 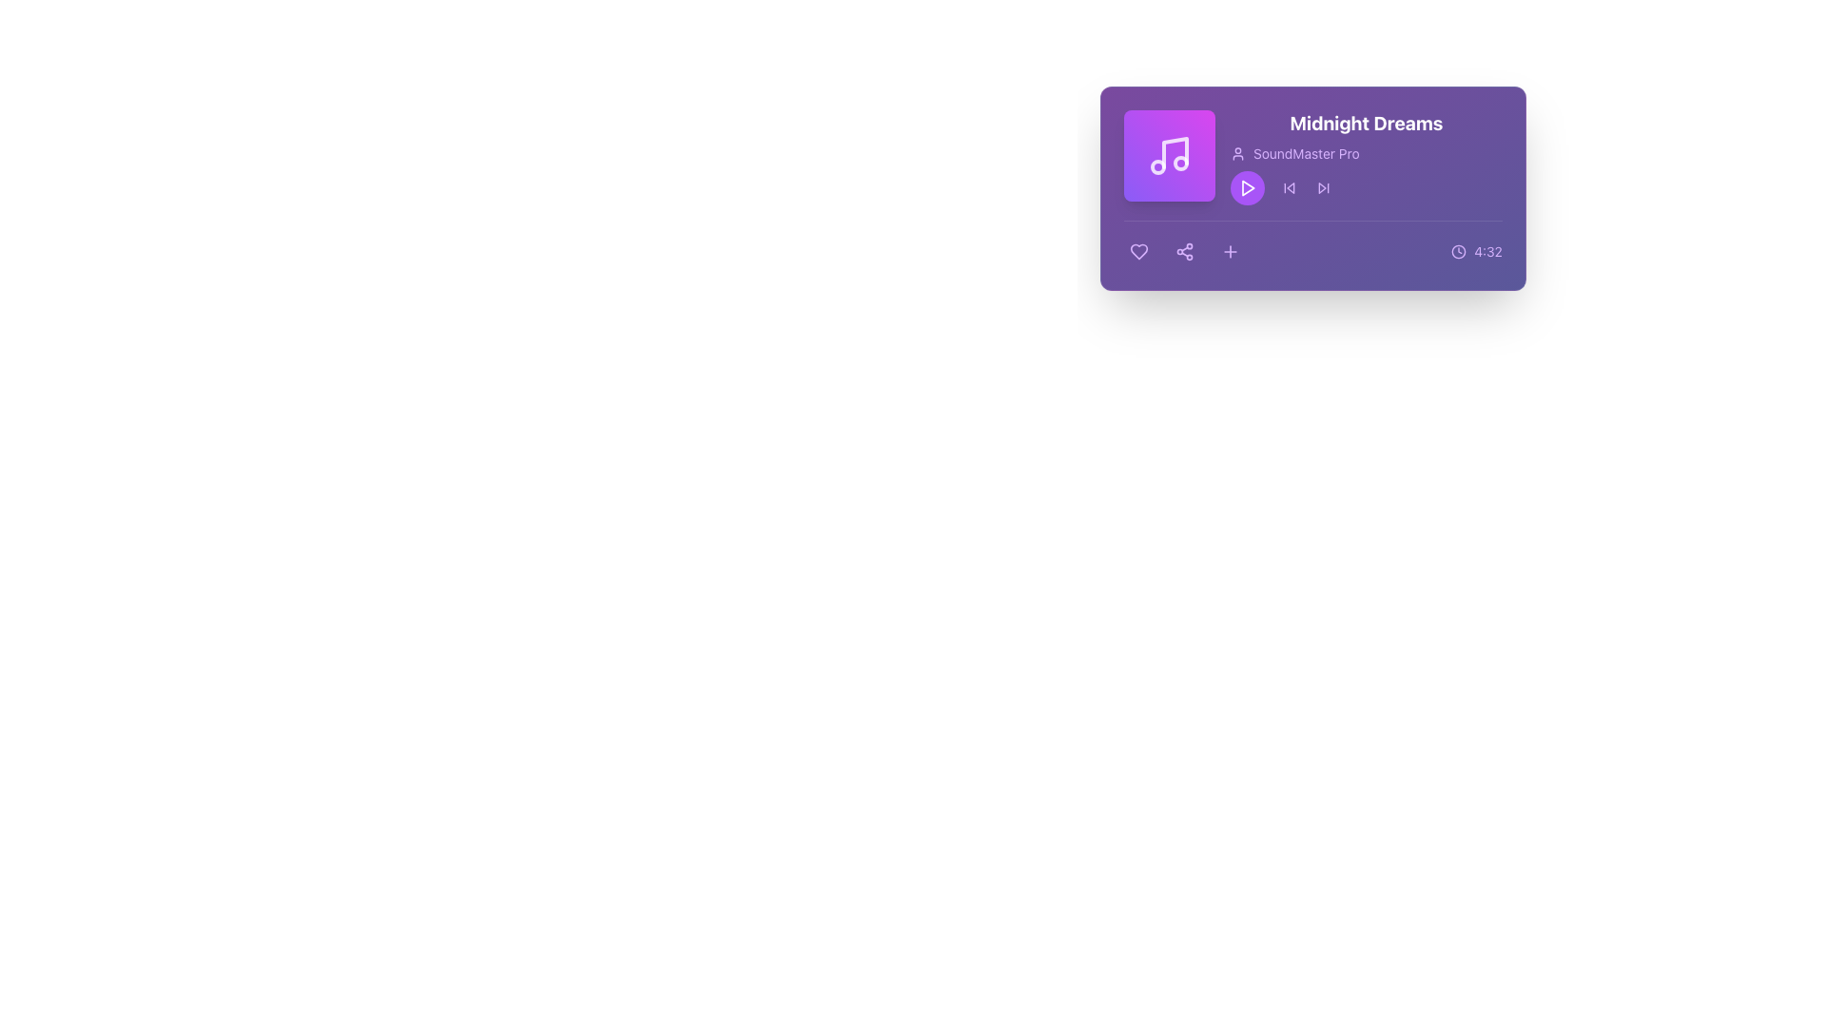 What do you see at coordinates (1231, 251) in the screenshot?
I see `the plus icon button, which is a minimalistic design with a cross shape, located` at bounding box center [1231, 251].